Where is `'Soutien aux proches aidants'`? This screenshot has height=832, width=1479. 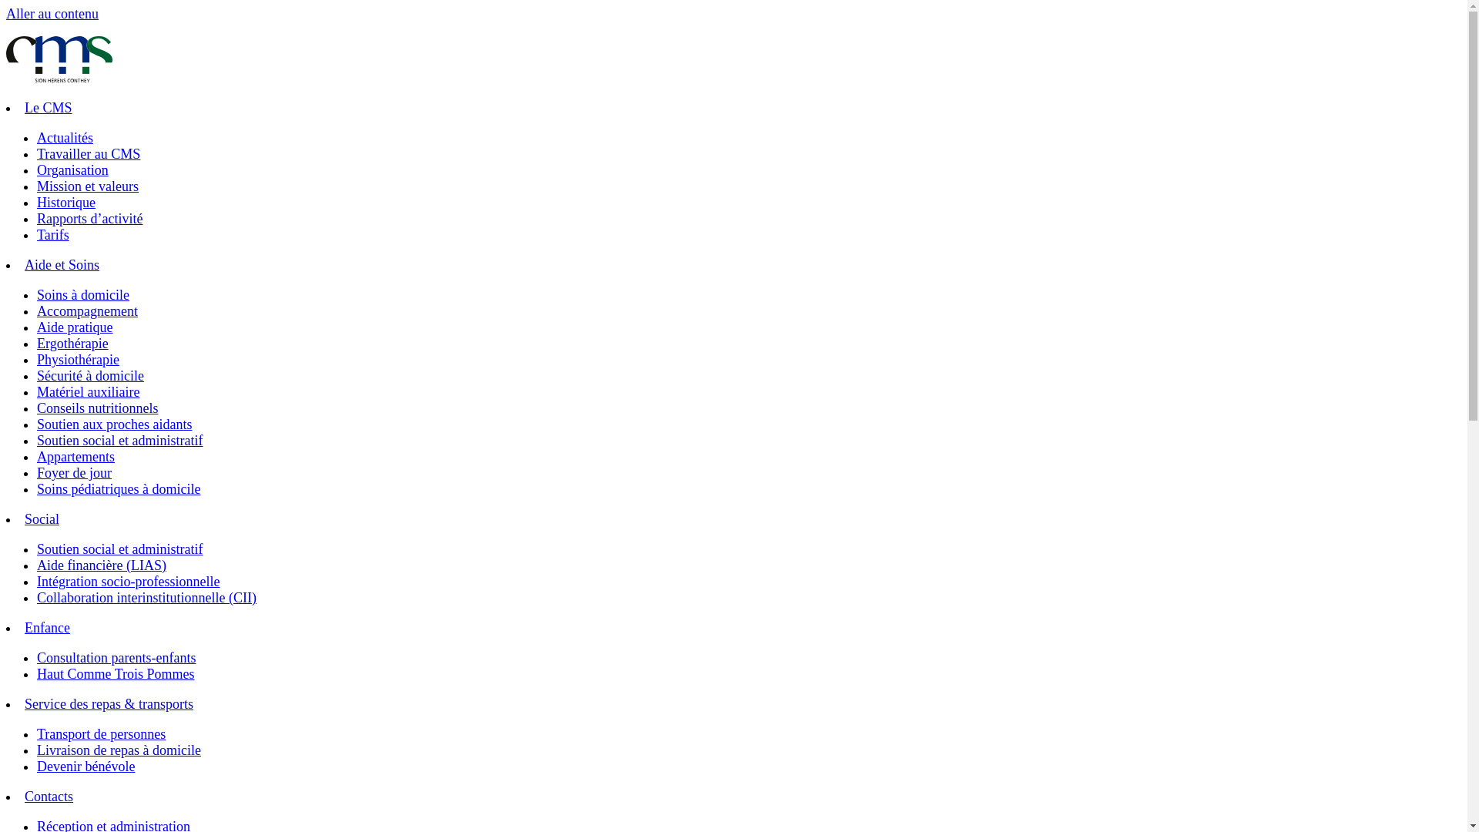
'Soutien aux proches aidants' is located at coordinates (37, 424).